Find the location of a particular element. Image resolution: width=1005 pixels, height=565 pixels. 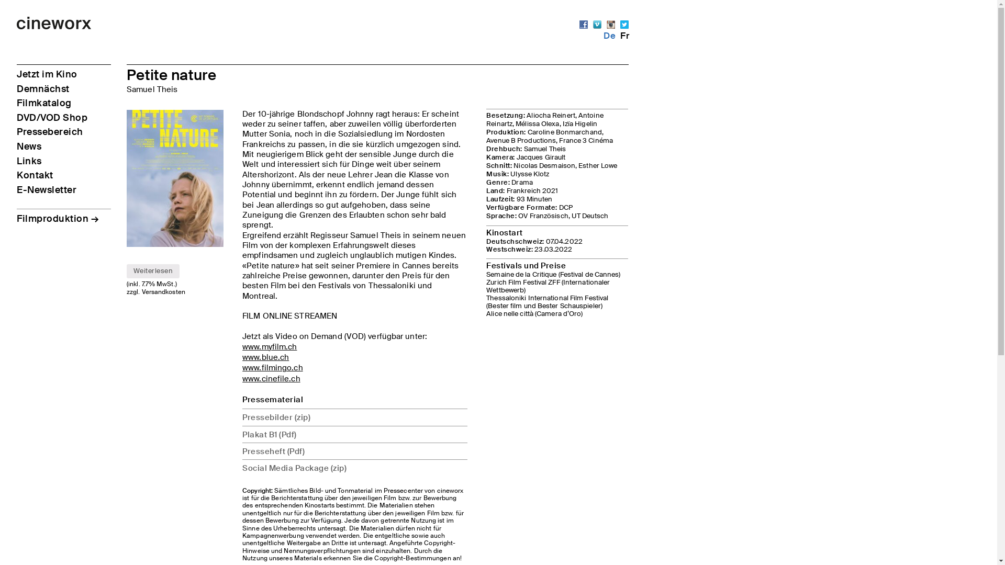

'Kontakt' is located at coordinates (17, 175).